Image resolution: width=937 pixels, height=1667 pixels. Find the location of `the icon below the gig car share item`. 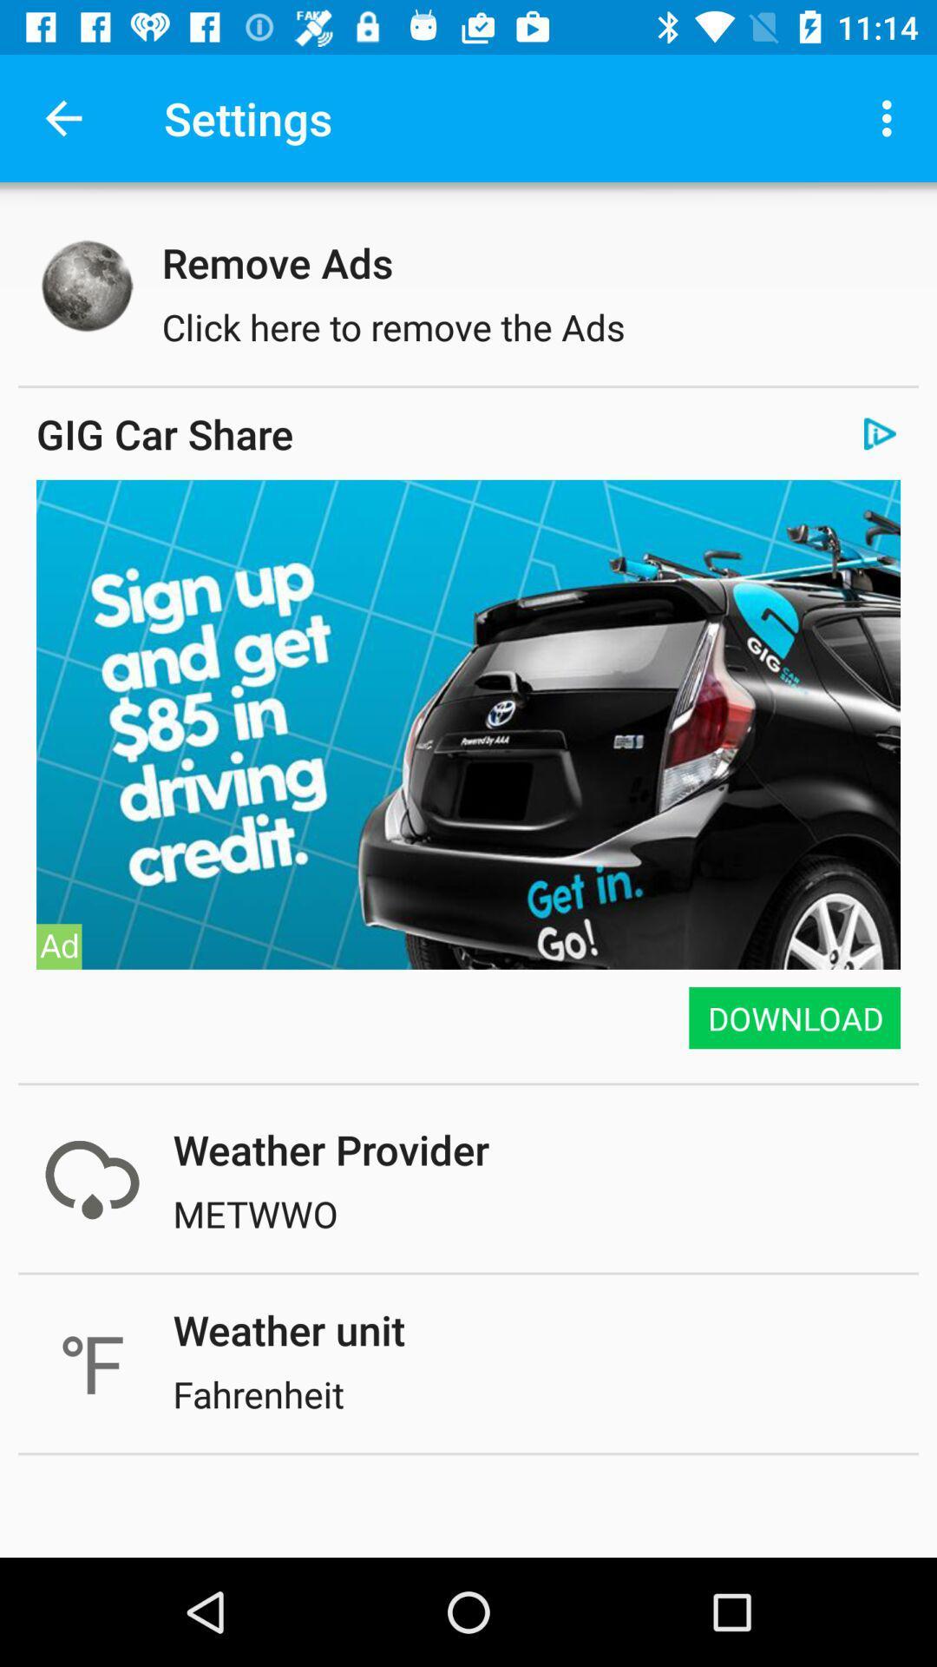

the icon below the gig car share item is located at coordinates (468, 480).